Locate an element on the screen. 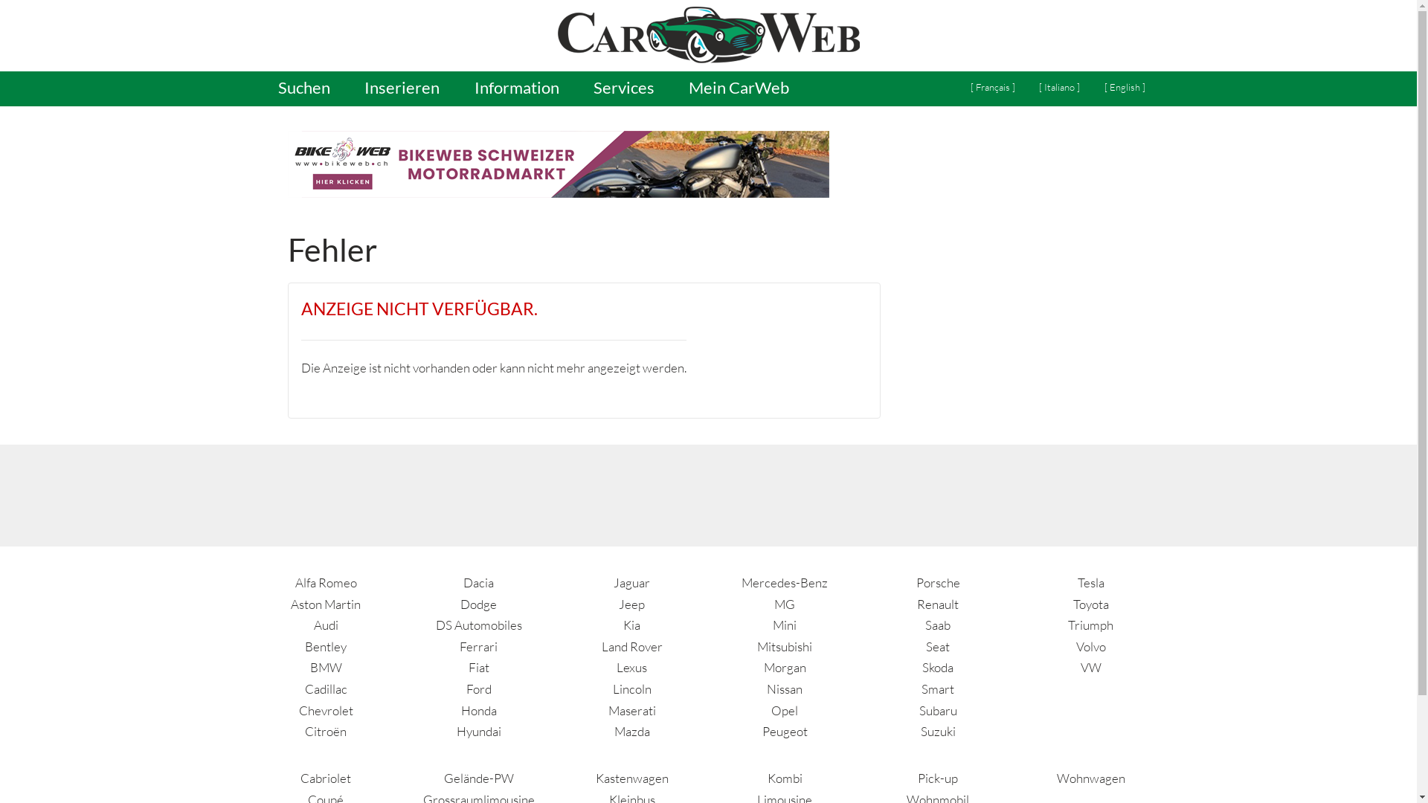 The image size is (1428, 803). 'Peugeot' is located at coordinates (784, 730).